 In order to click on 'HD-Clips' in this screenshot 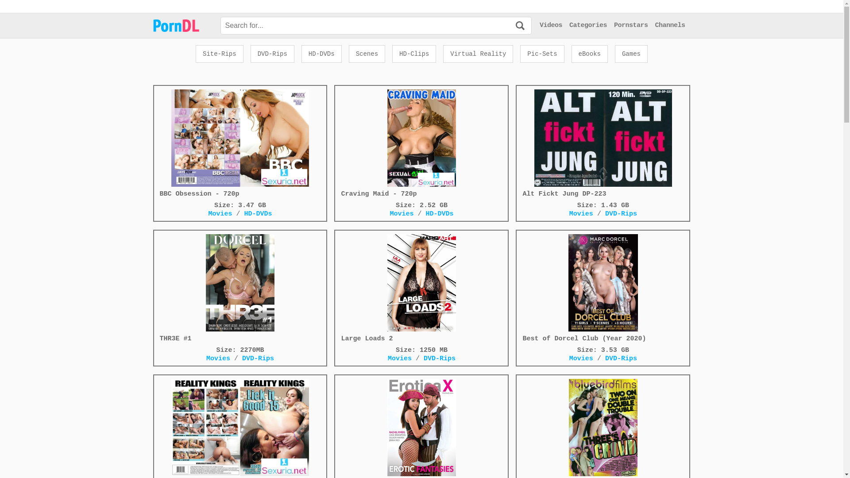, I will do `click(413, 54)`.